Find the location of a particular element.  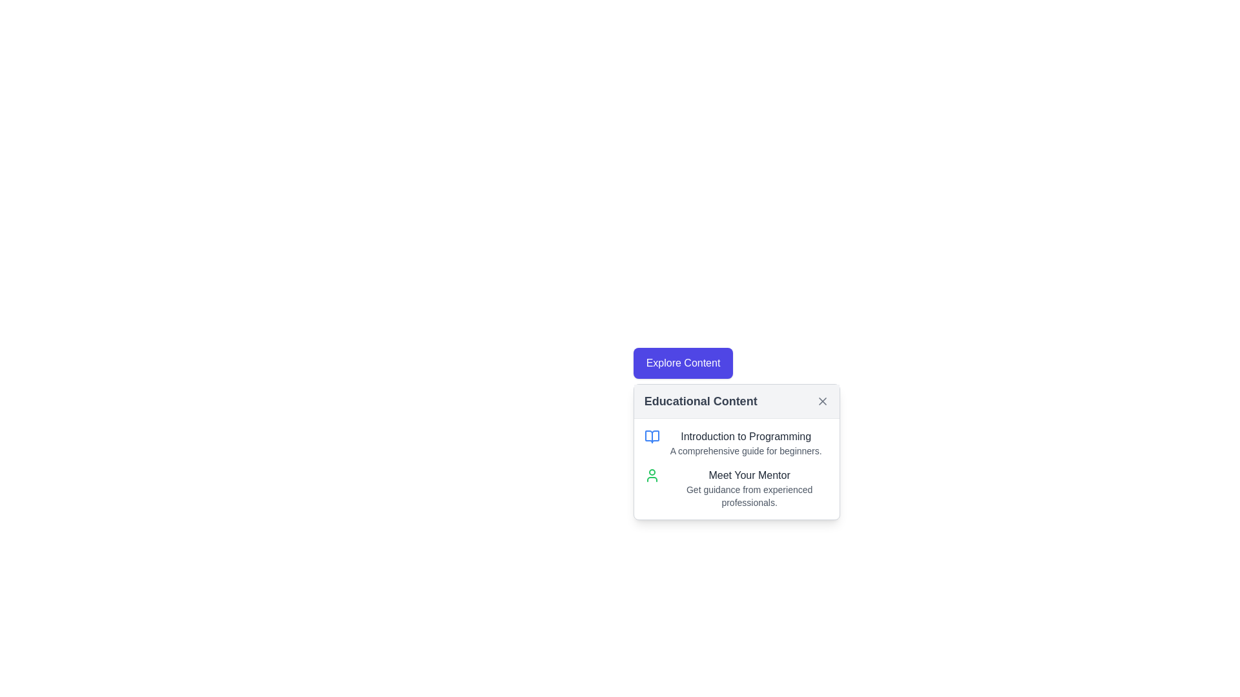

the 'Educational Content' text label in the header of the content card is located at coordinates (700, 400).